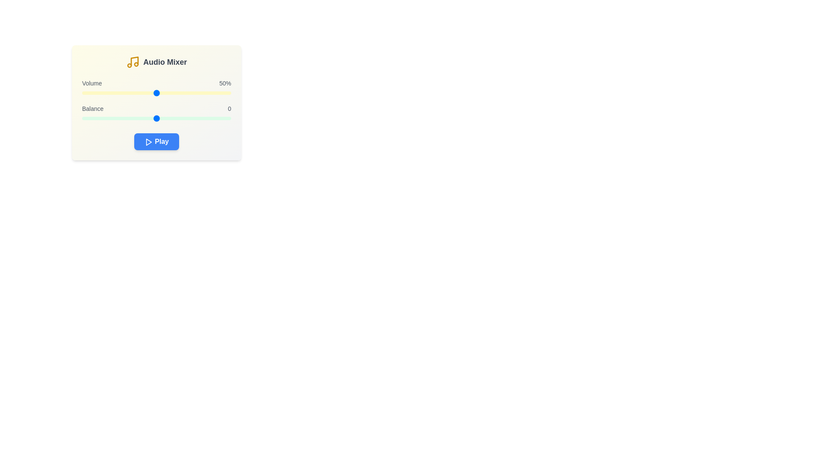 This screenshot has height=457, width=813. I want to click on the Text label that displays 'Volume' and its current value '50%', located under the title 'Audio Mixer' and above the volume slider, so click(156, 83).